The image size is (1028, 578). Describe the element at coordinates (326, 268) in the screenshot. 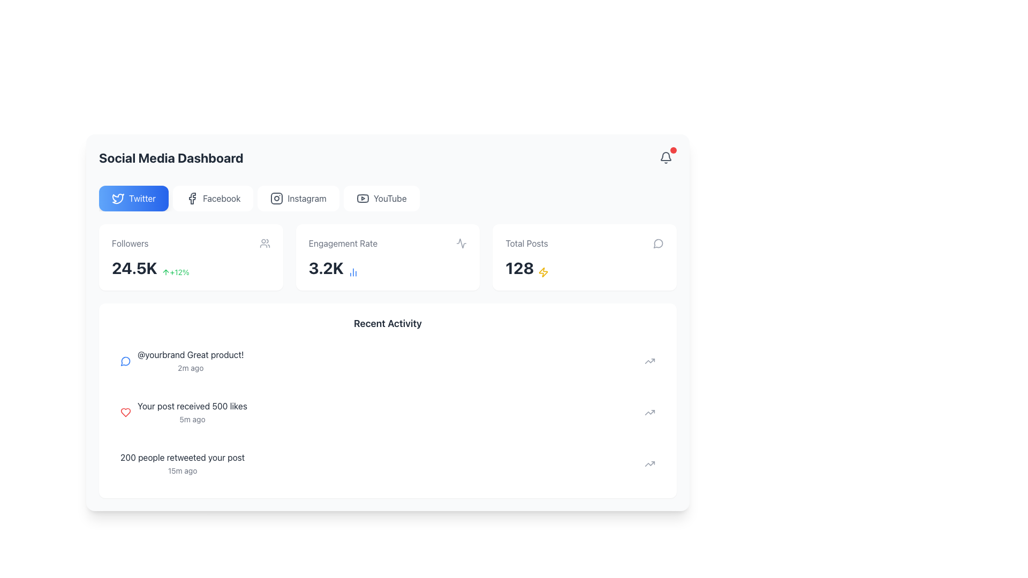

I see `the 'Engagement Rate' text label, which displays the numerical value of engagements in thousands and is located in the middle card of three cards on the dashboard` at that location.